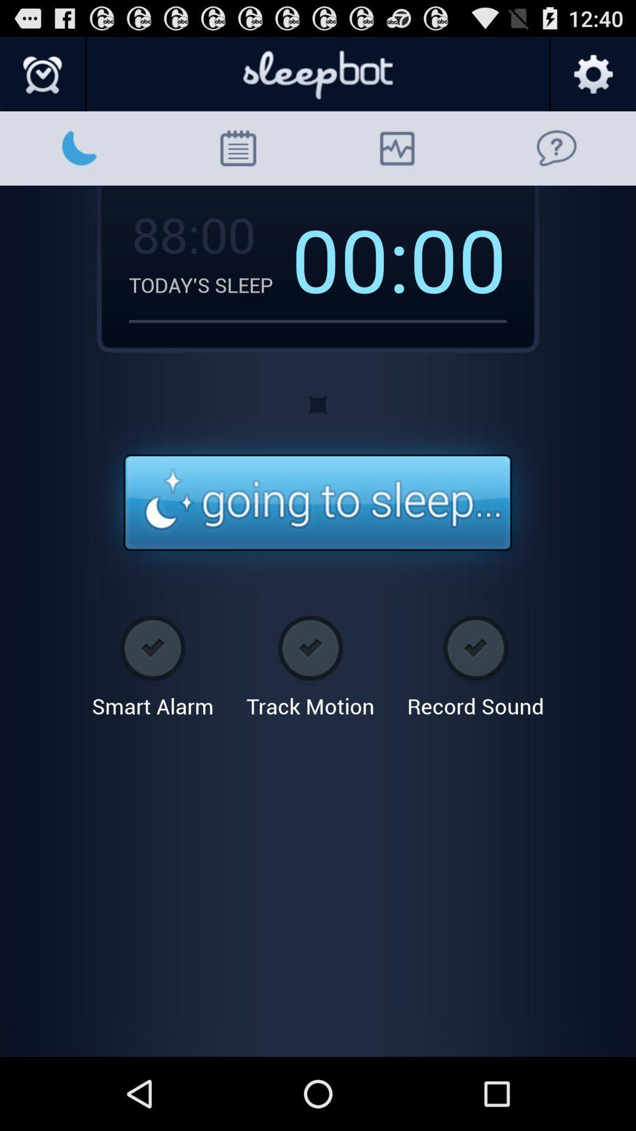 The height and width of the screenshot is (1131, 636). What do you see at coordinates (592, 74) in the screenshot?
I see `settings` at bounding box center [592, 74].